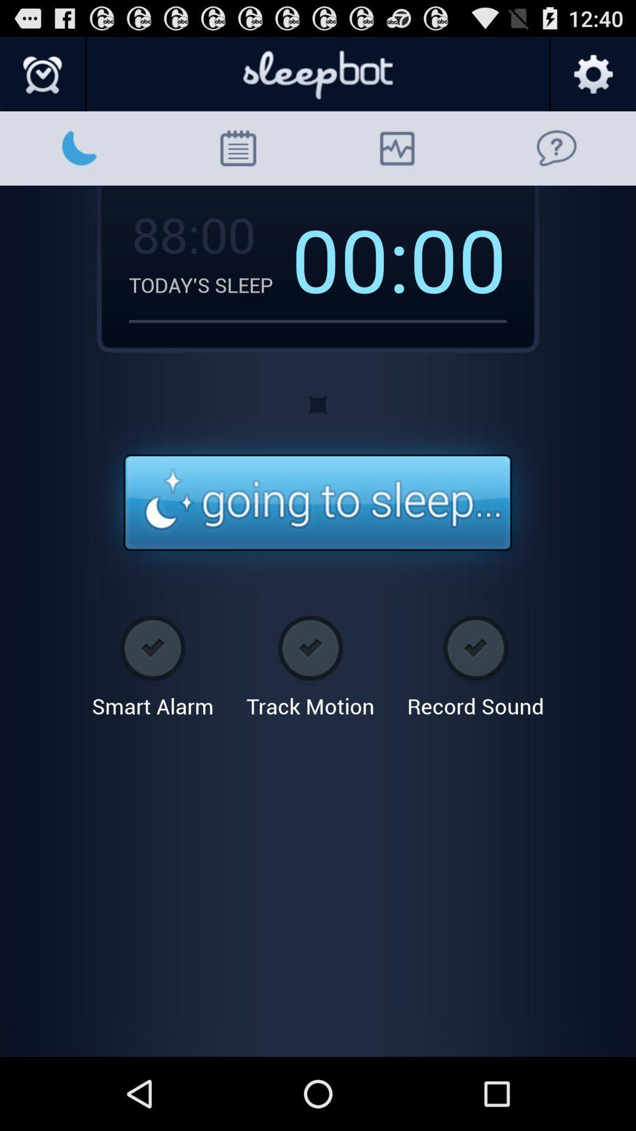 The height and width of the screenshot is (1131, 636). What do you see at coordinates (592, 74) in the screenshot?
I see `settings` at bounding box center [592, 74].